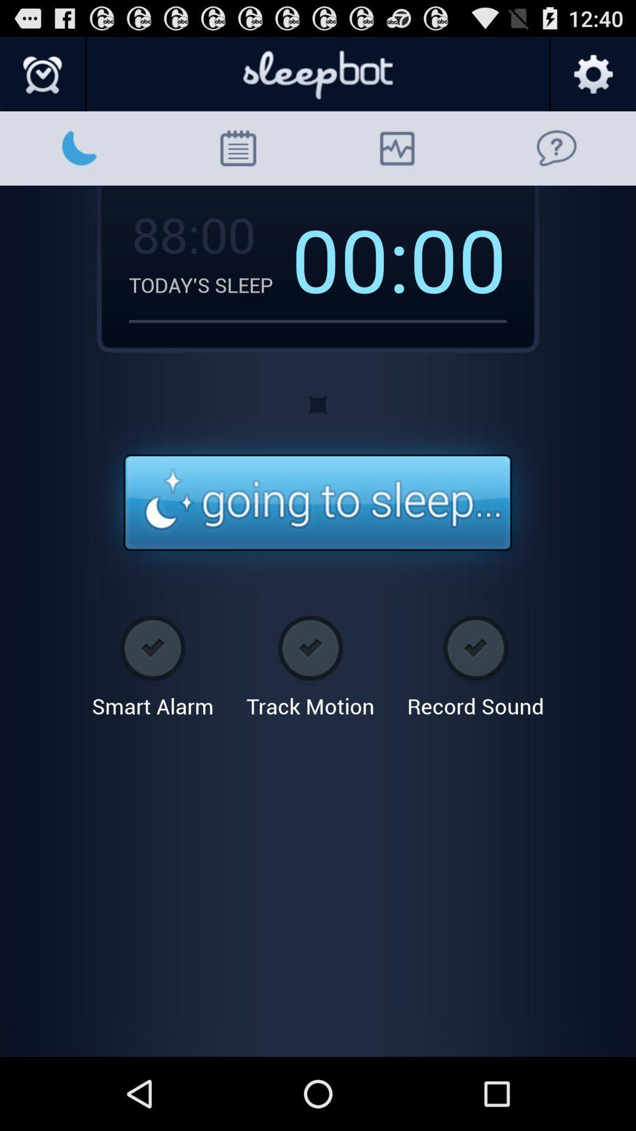 The height and width of the screenshot is (1131, 636). What do you see at coordinates (592, 74) in the screenshot?
I see `settings` at bounding box center [592, 74].